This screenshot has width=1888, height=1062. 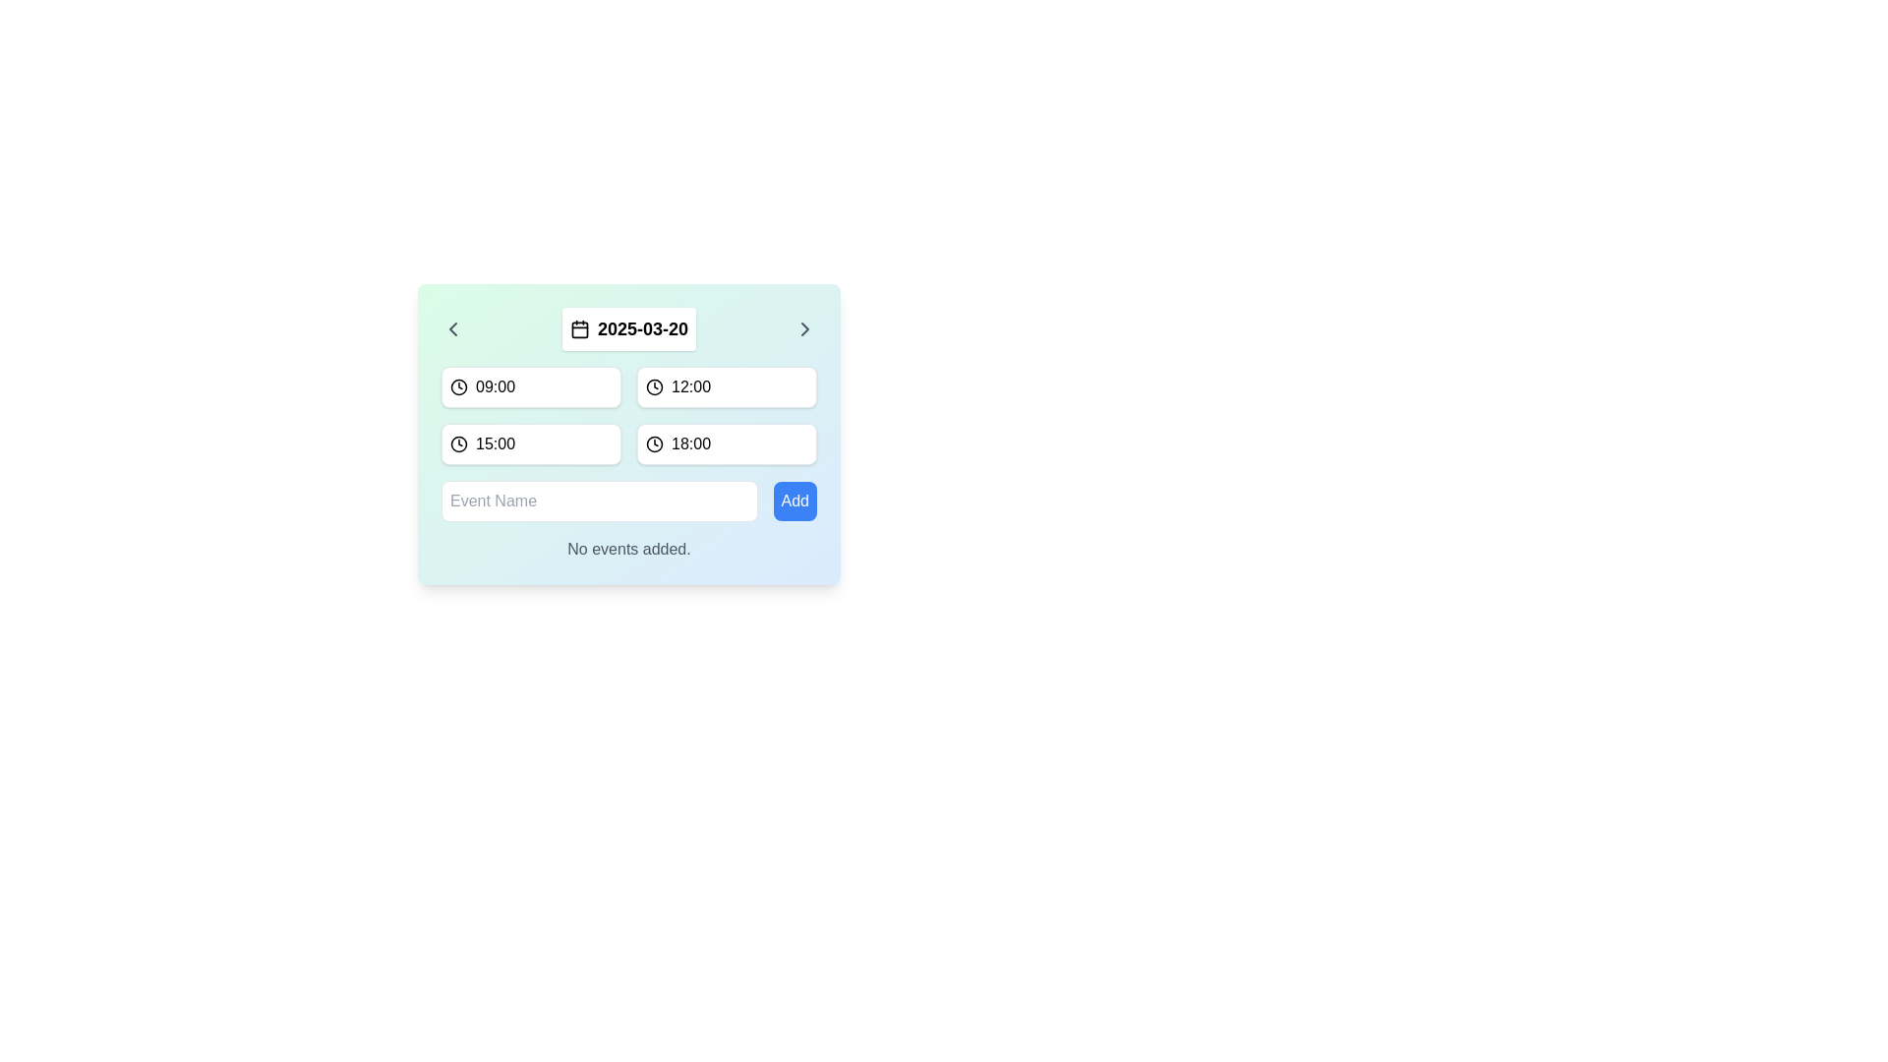 I want to click on the left-pointing chevron icon, so click(x=451, y=328).